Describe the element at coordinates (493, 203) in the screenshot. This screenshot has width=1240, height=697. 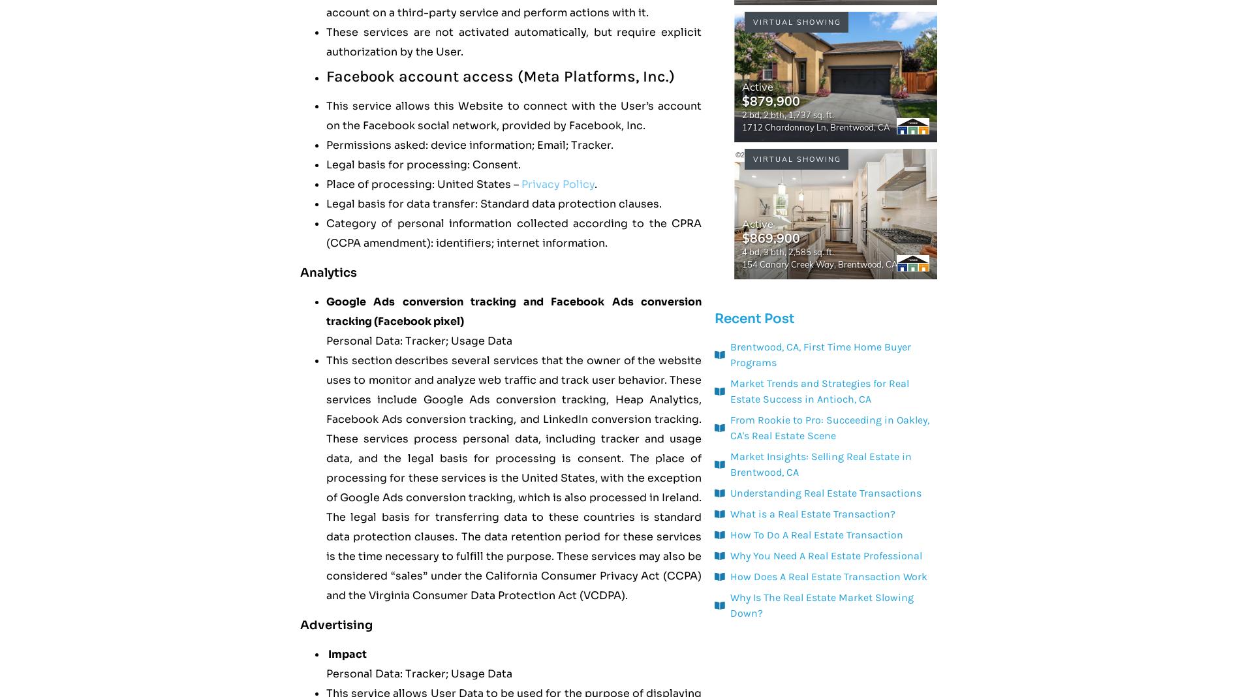
I see `'Legal basis for data transfer: Standard data protection clauses.'` at that location.